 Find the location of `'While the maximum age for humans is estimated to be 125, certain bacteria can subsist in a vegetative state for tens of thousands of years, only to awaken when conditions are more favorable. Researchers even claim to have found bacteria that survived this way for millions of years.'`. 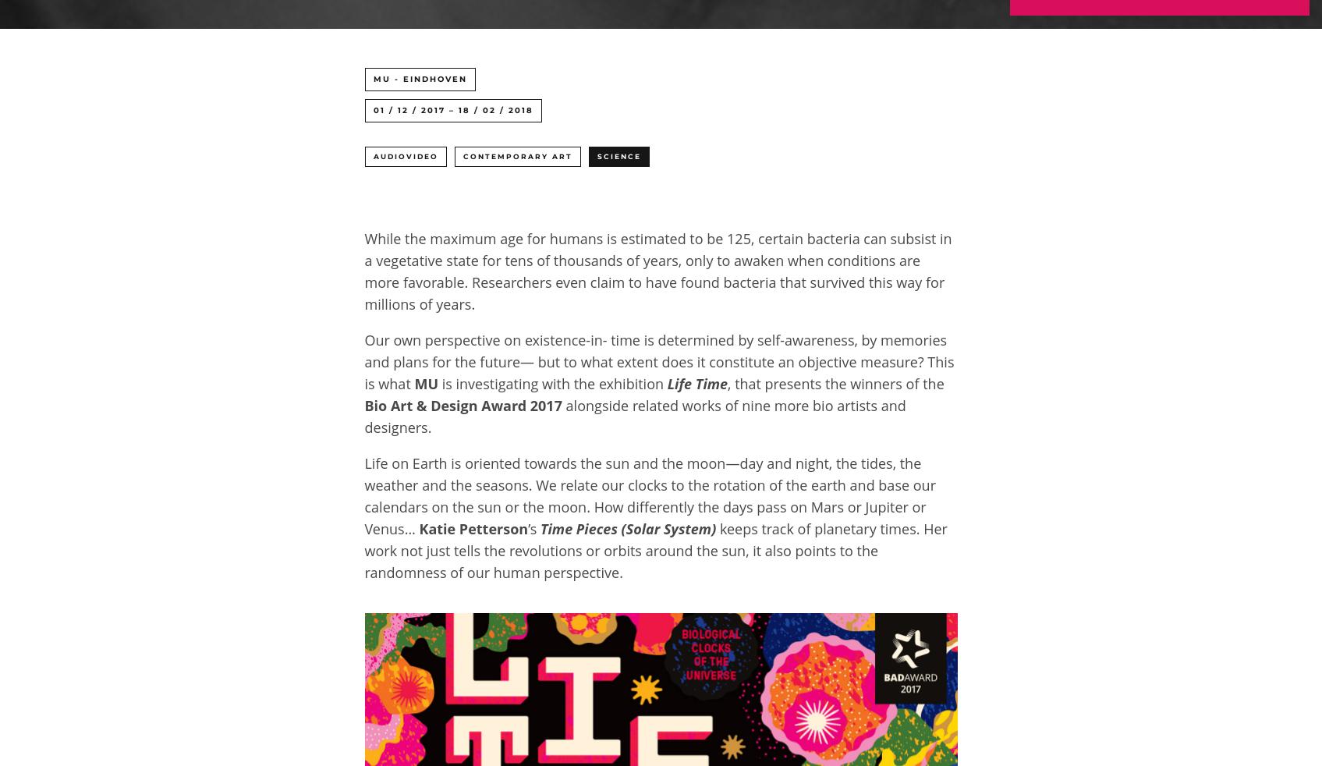

'While the maximum age for humans is estimated to be 125, certain bacteria can subsist in a vegetative state for tens of thousands of years, only to awaken when conditions are more favorable. Researchers even claim to have found bacteria that survived this way for millions of years.' is located at coordinates (657, 272).